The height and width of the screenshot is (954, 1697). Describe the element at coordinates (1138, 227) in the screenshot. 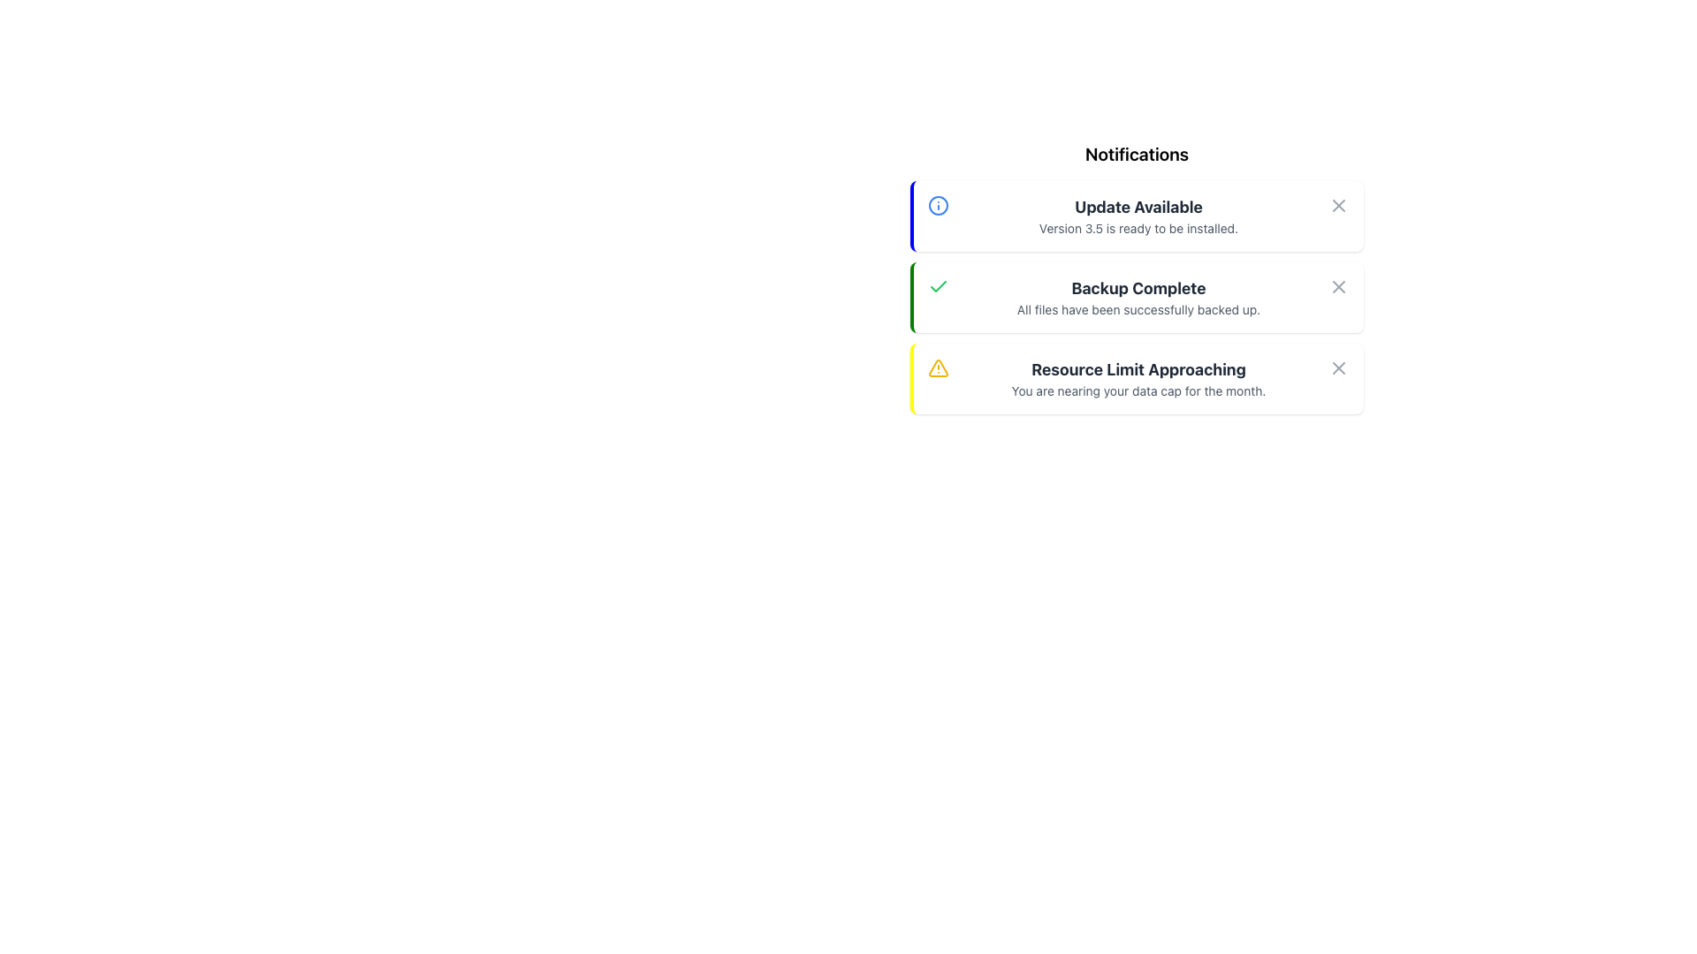

I see `the static text element that provides additional information related to the 'Update Available' title, positioned immediately below it in the notification card` at that location.